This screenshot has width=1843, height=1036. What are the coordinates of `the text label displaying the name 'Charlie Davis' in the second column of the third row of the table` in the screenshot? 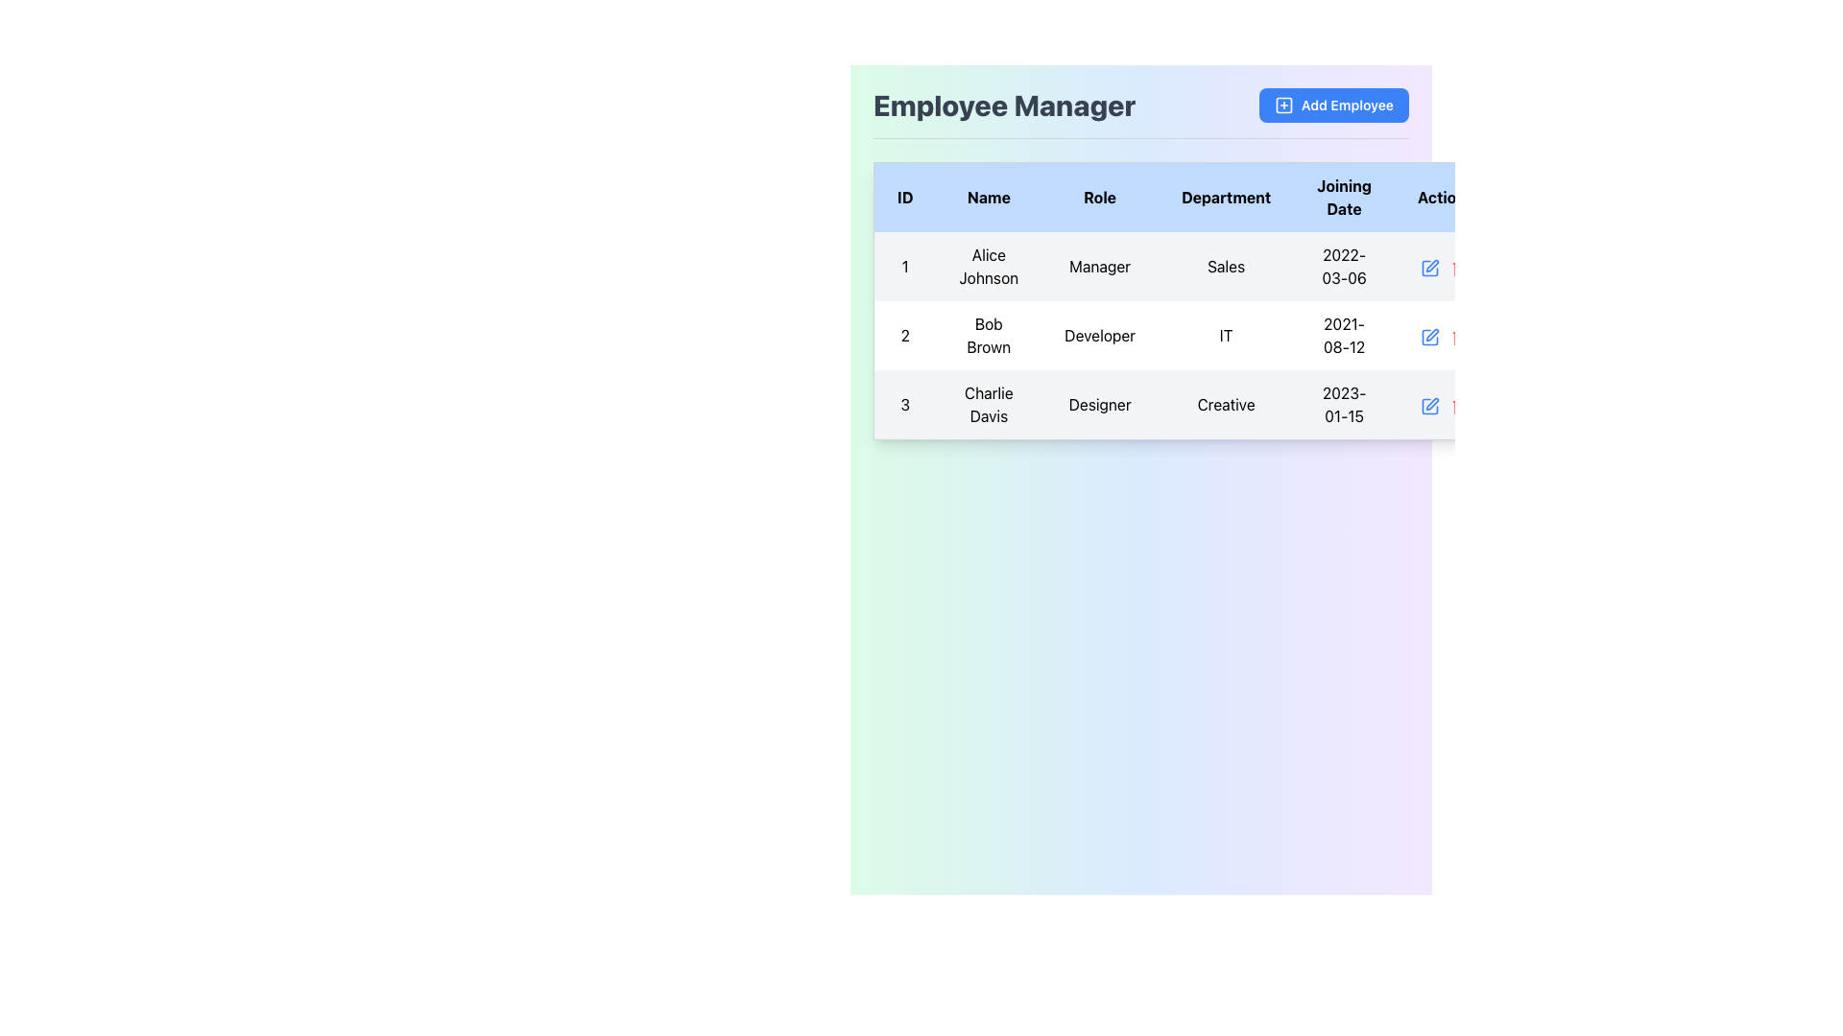 It's located at (989, 404).